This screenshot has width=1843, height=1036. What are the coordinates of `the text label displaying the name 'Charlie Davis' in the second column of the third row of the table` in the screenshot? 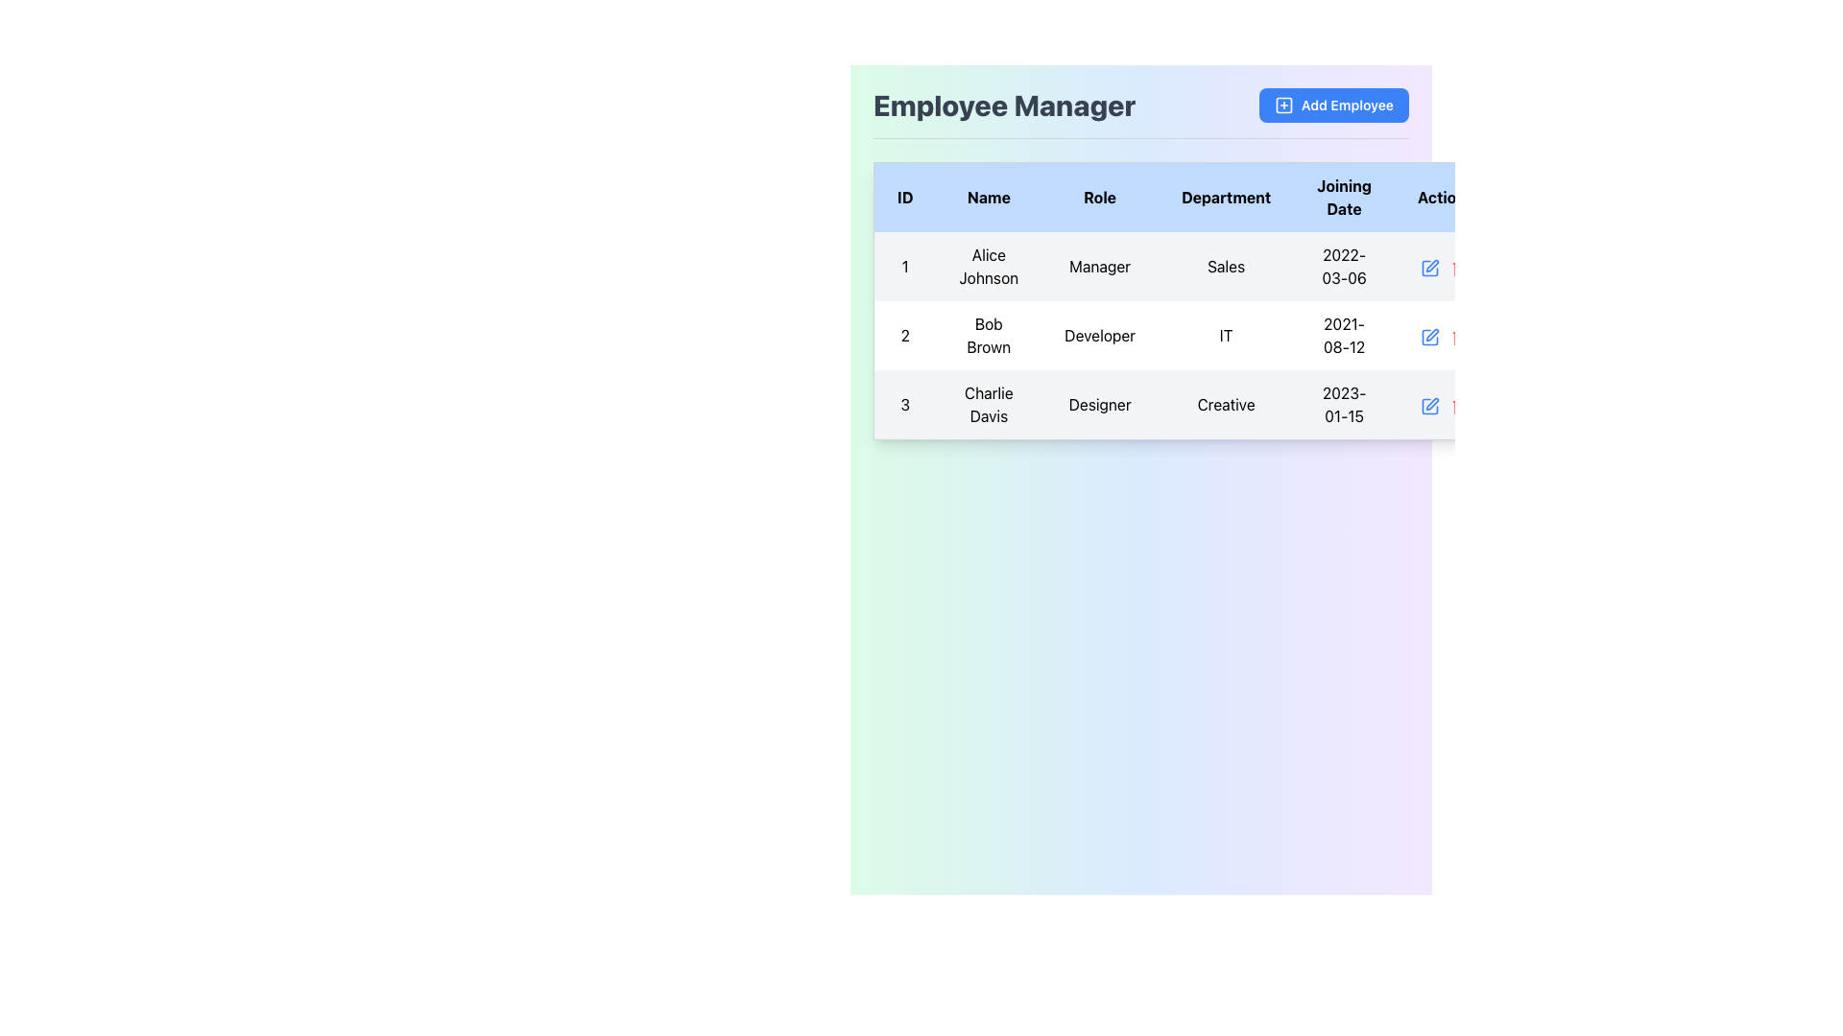 It's located at (989, 404).